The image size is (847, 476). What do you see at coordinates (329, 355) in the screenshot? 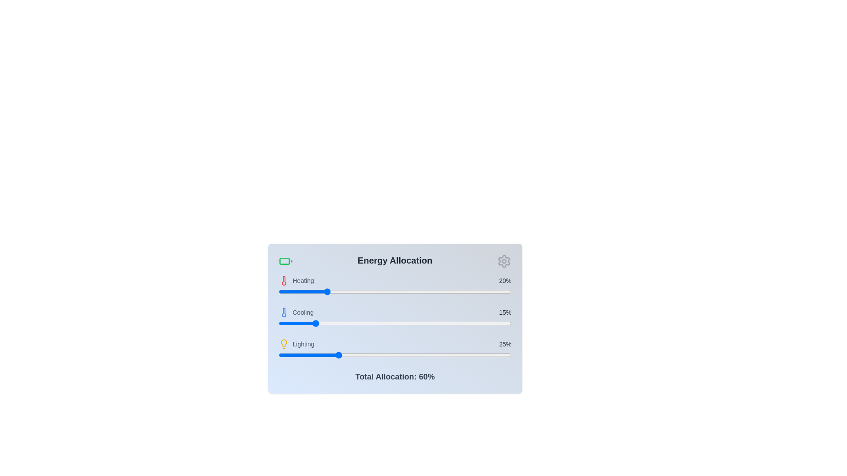
I see `the lighting allocation slider to 22%` at bounding box center [329, 355].